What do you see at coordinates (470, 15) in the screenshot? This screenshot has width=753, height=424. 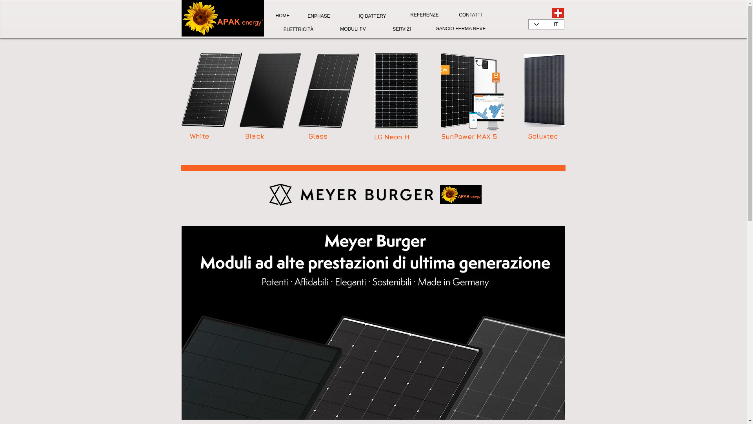 I see `'CONTATTI'` at bounding box center [470, 15].